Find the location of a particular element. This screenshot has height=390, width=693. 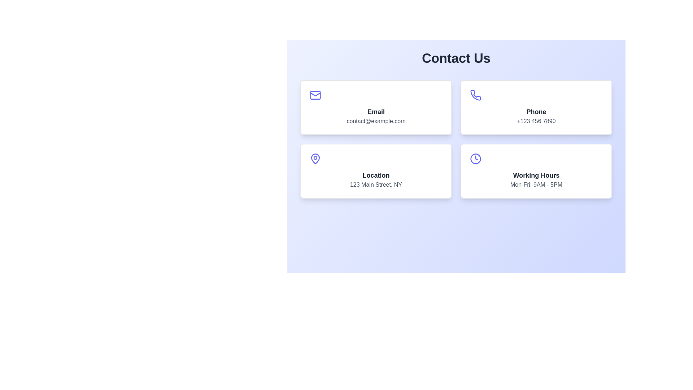

the Location card, which features a blue pin icon, a bold 'Location' label, and a subtitle '123 Main Street, NY'. This card has a white background, light gray border, and rounded corners, located in the lower-left quadrant of the grid layout is located at coordinates (375, 171).